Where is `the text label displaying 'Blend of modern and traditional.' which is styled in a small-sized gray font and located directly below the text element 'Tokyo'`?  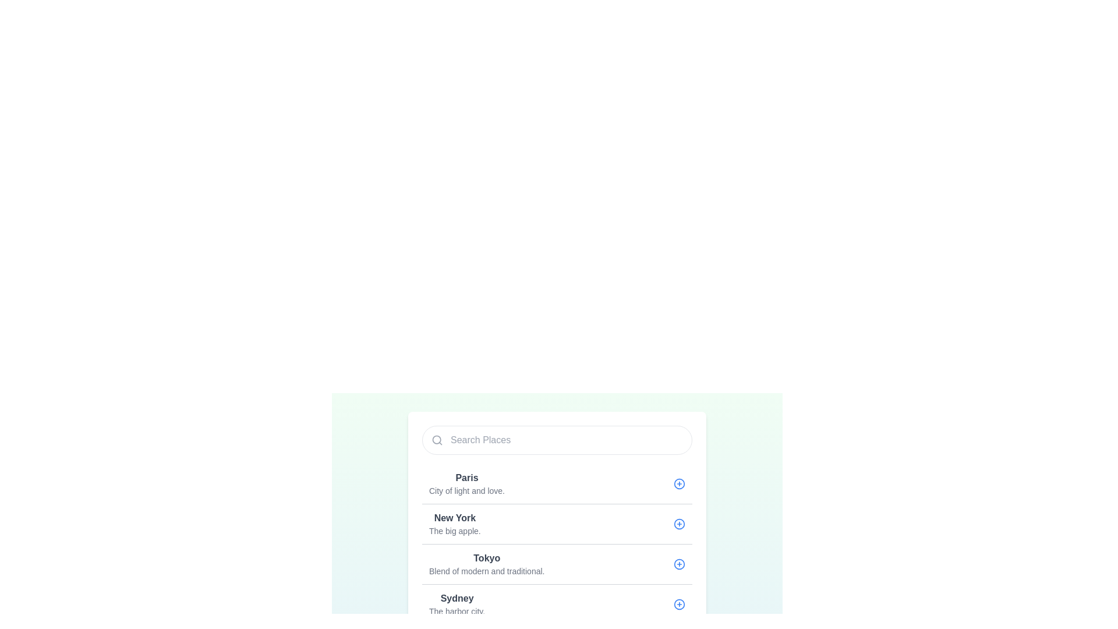
the text label displaying 'Blend of modern and traditional.' which is styled in a small-sized gray font and located directly below the text element 'Tokyo' is located at coordinates (487, 570).